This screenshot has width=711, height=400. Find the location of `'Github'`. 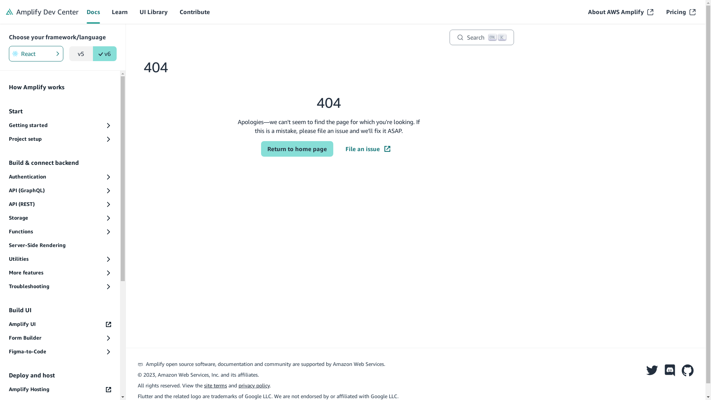

'Github' is located at coordinates (687, 369).